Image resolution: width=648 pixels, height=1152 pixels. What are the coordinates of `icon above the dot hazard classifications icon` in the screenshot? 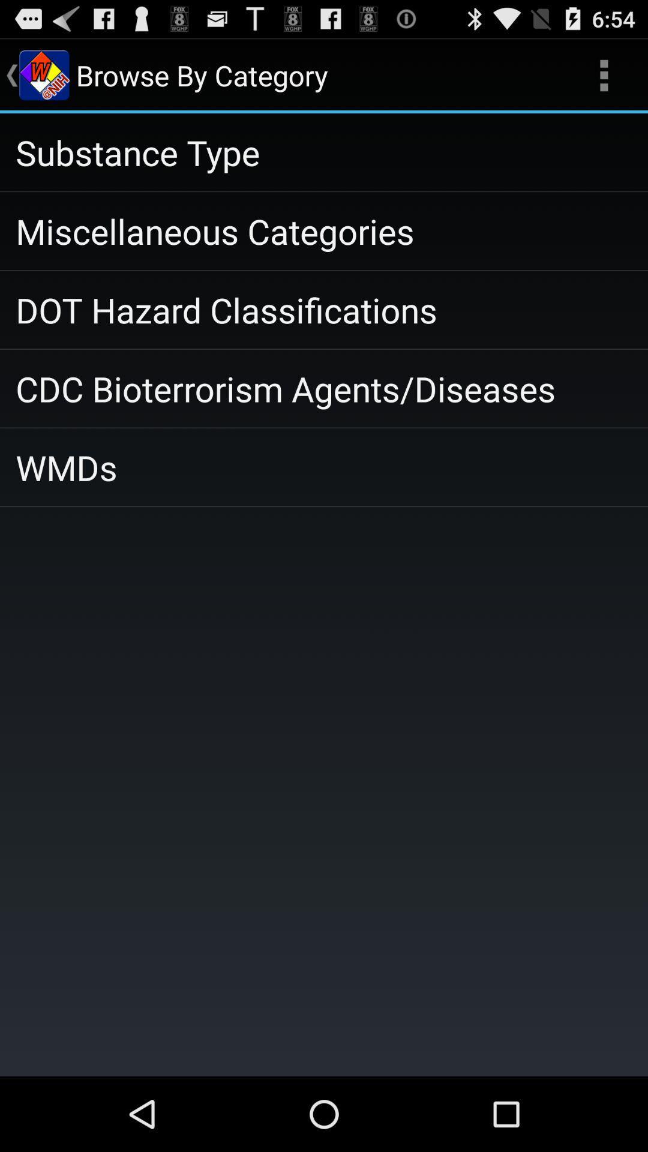 It's located at (324, 231).